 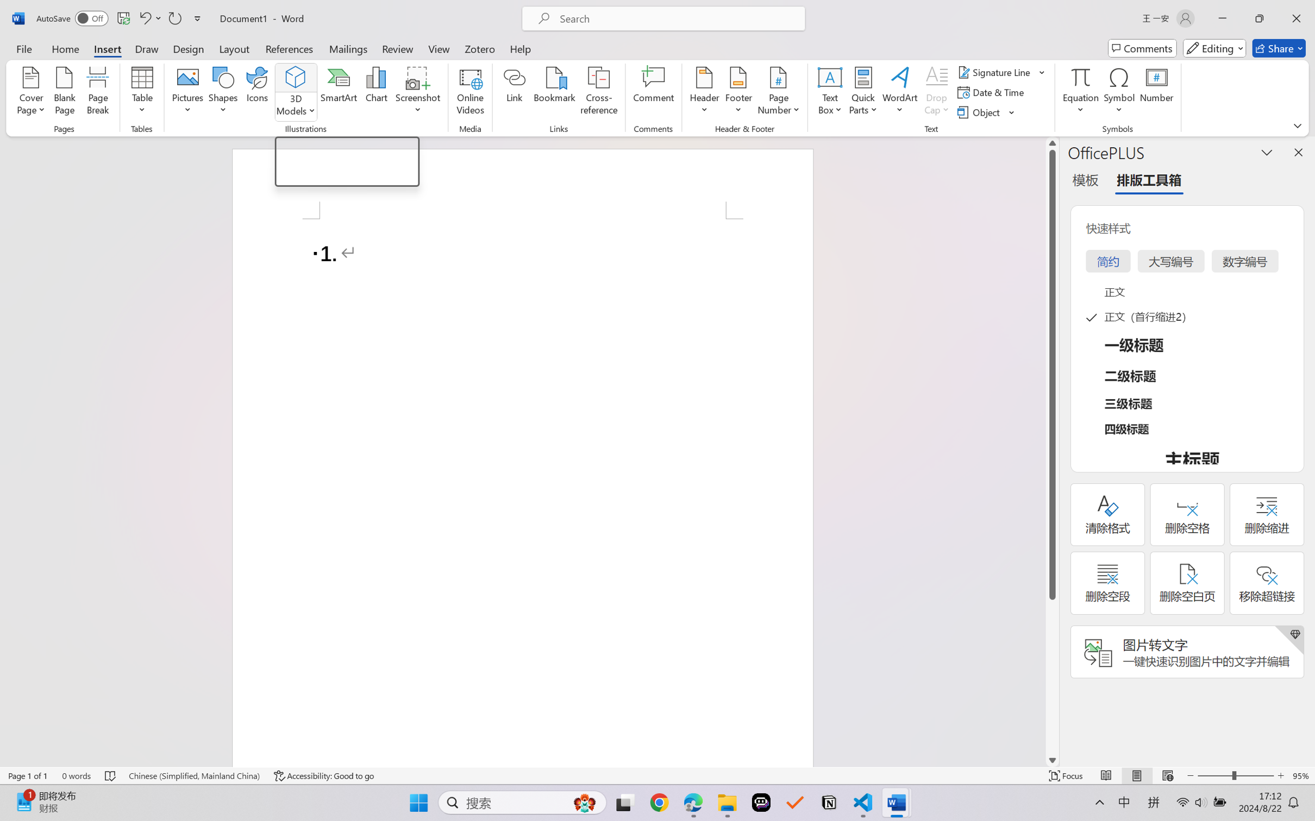 What do you see at coordinates (936, 92) in the screenshot?
I see `'Drop Cap'` at bounding box center [936, 92].